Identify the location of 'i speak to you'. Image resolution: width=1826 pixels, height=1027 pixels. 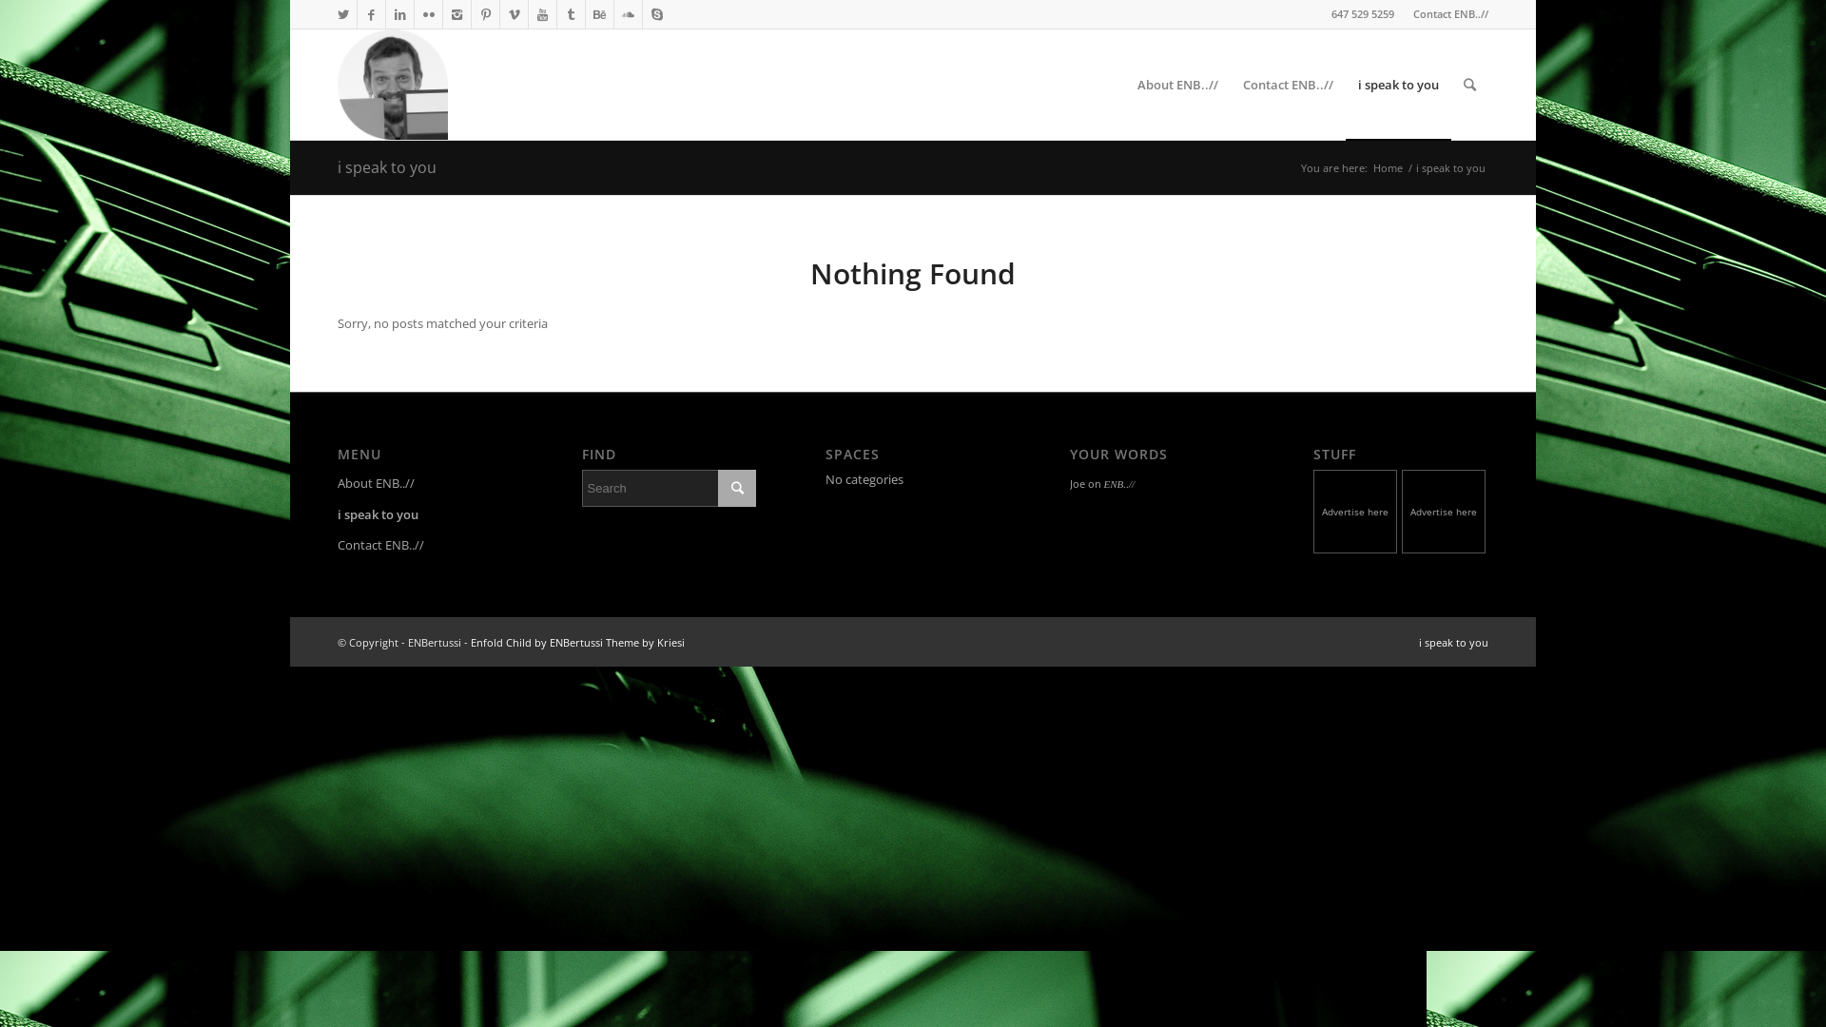
(1398, 83).